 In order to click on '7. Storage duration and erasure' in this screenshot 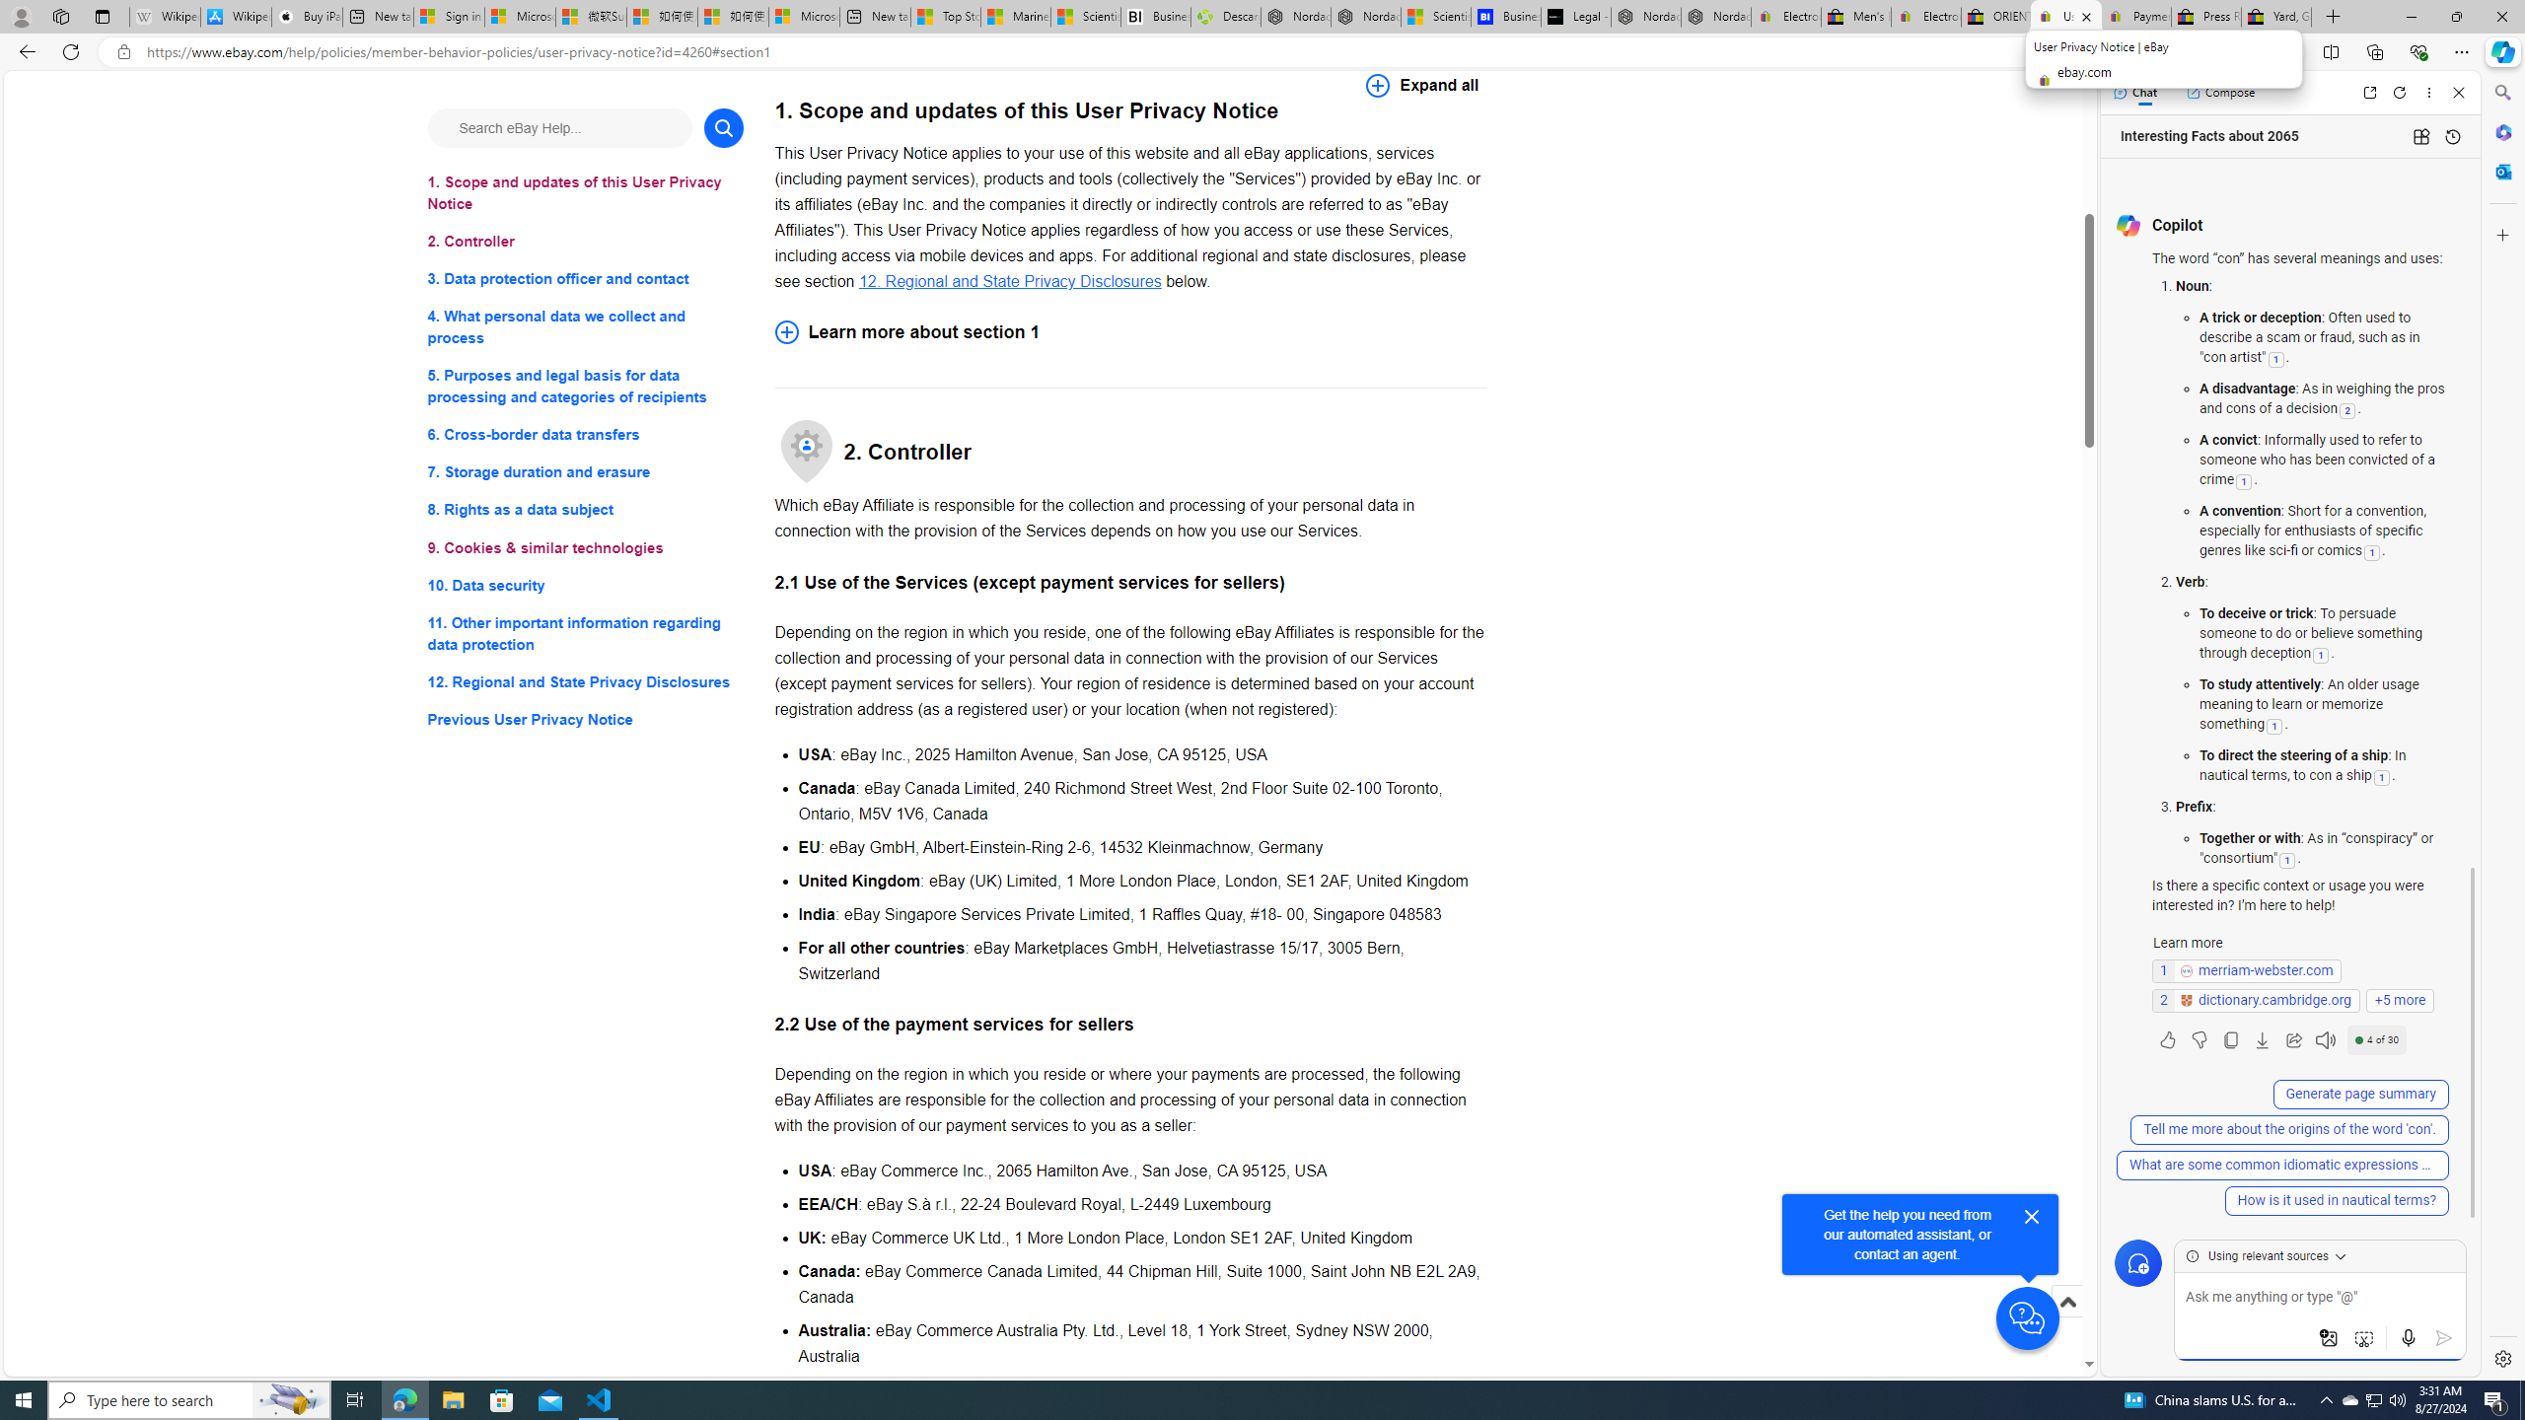, I will do `click(584, 471)`.